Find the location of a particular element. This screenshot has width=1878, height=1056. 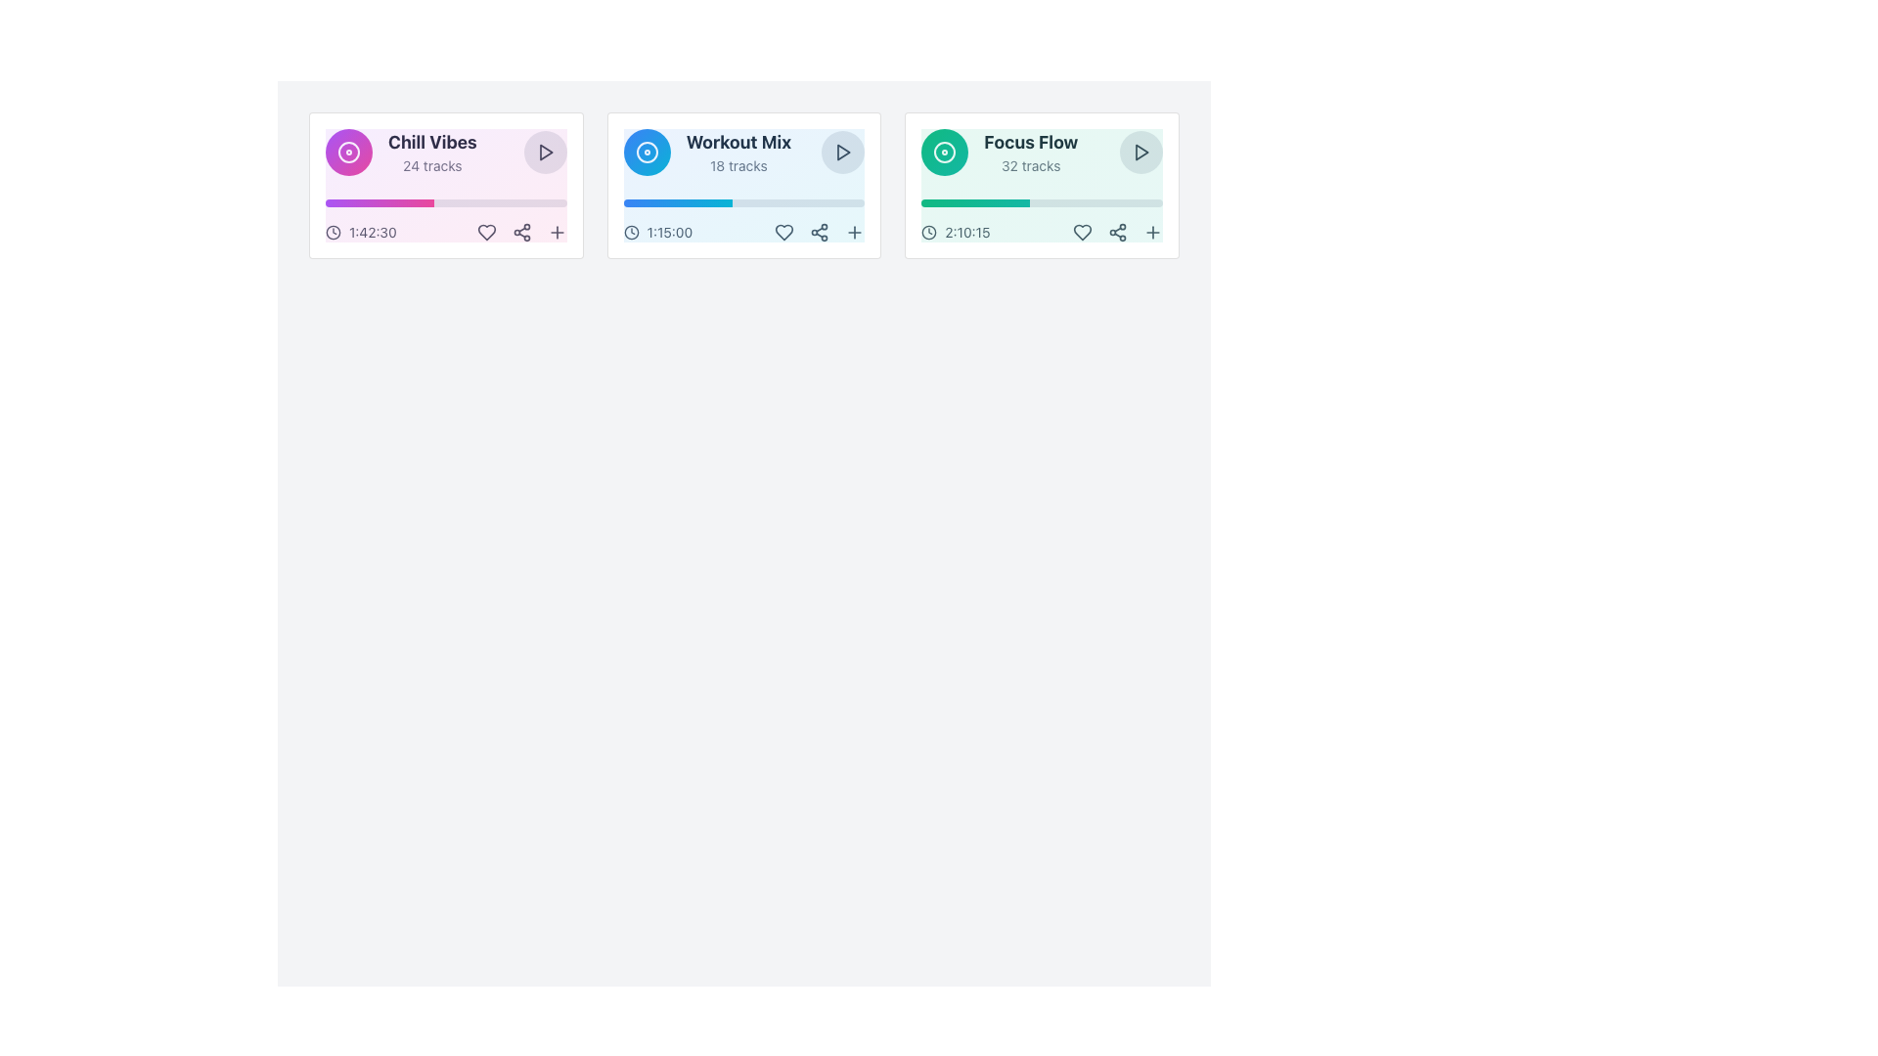

the play button located in the upper-right corner of the 'Workout Mix' card to initiate playback is located at coordinates (843, 151).